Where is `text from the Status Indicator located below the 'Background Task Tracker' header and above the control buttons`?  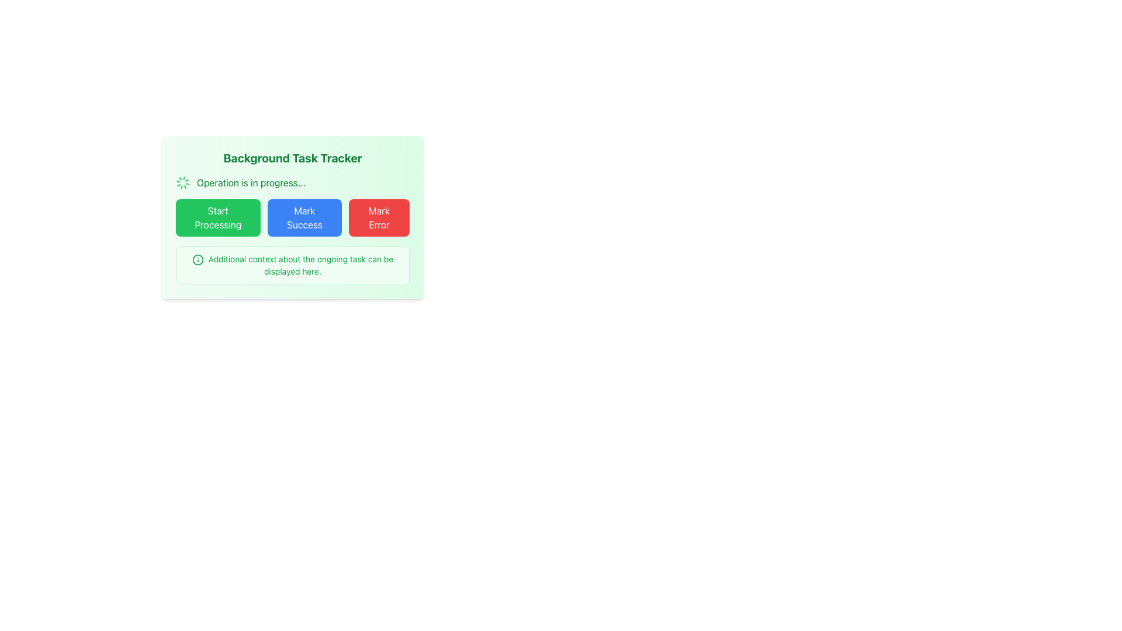
text from the Status Indicator located below the 'Background Task Tracker' header and above the control buttons is located at coordinates (292, 182).